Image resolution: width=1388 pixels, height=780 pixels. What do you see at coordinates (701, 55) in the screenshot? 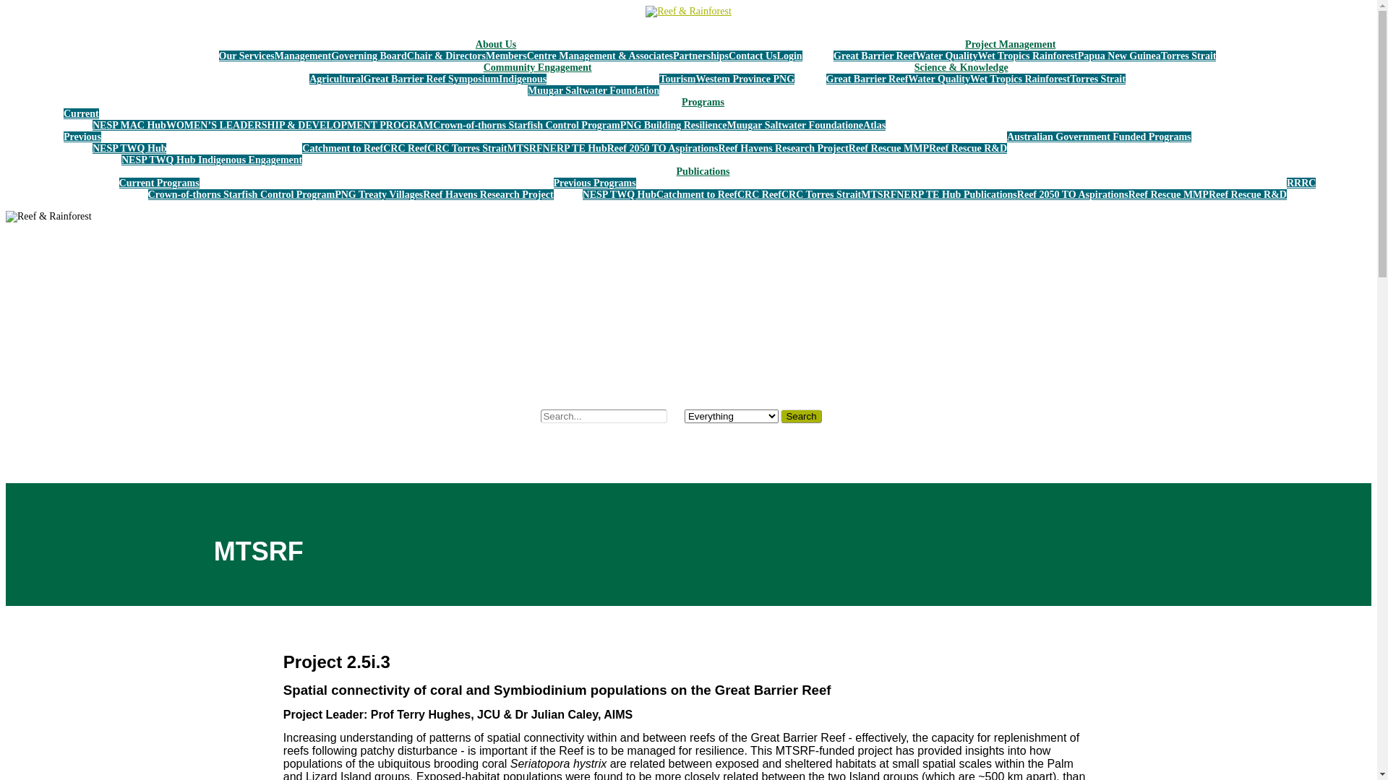
I see `'Partnerships'` at bounding box center [701, 55].